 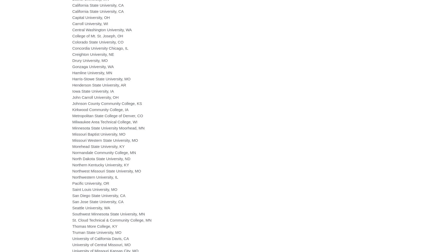 I want to click on 'Creighton University, NE', so click(x=93, y=54).